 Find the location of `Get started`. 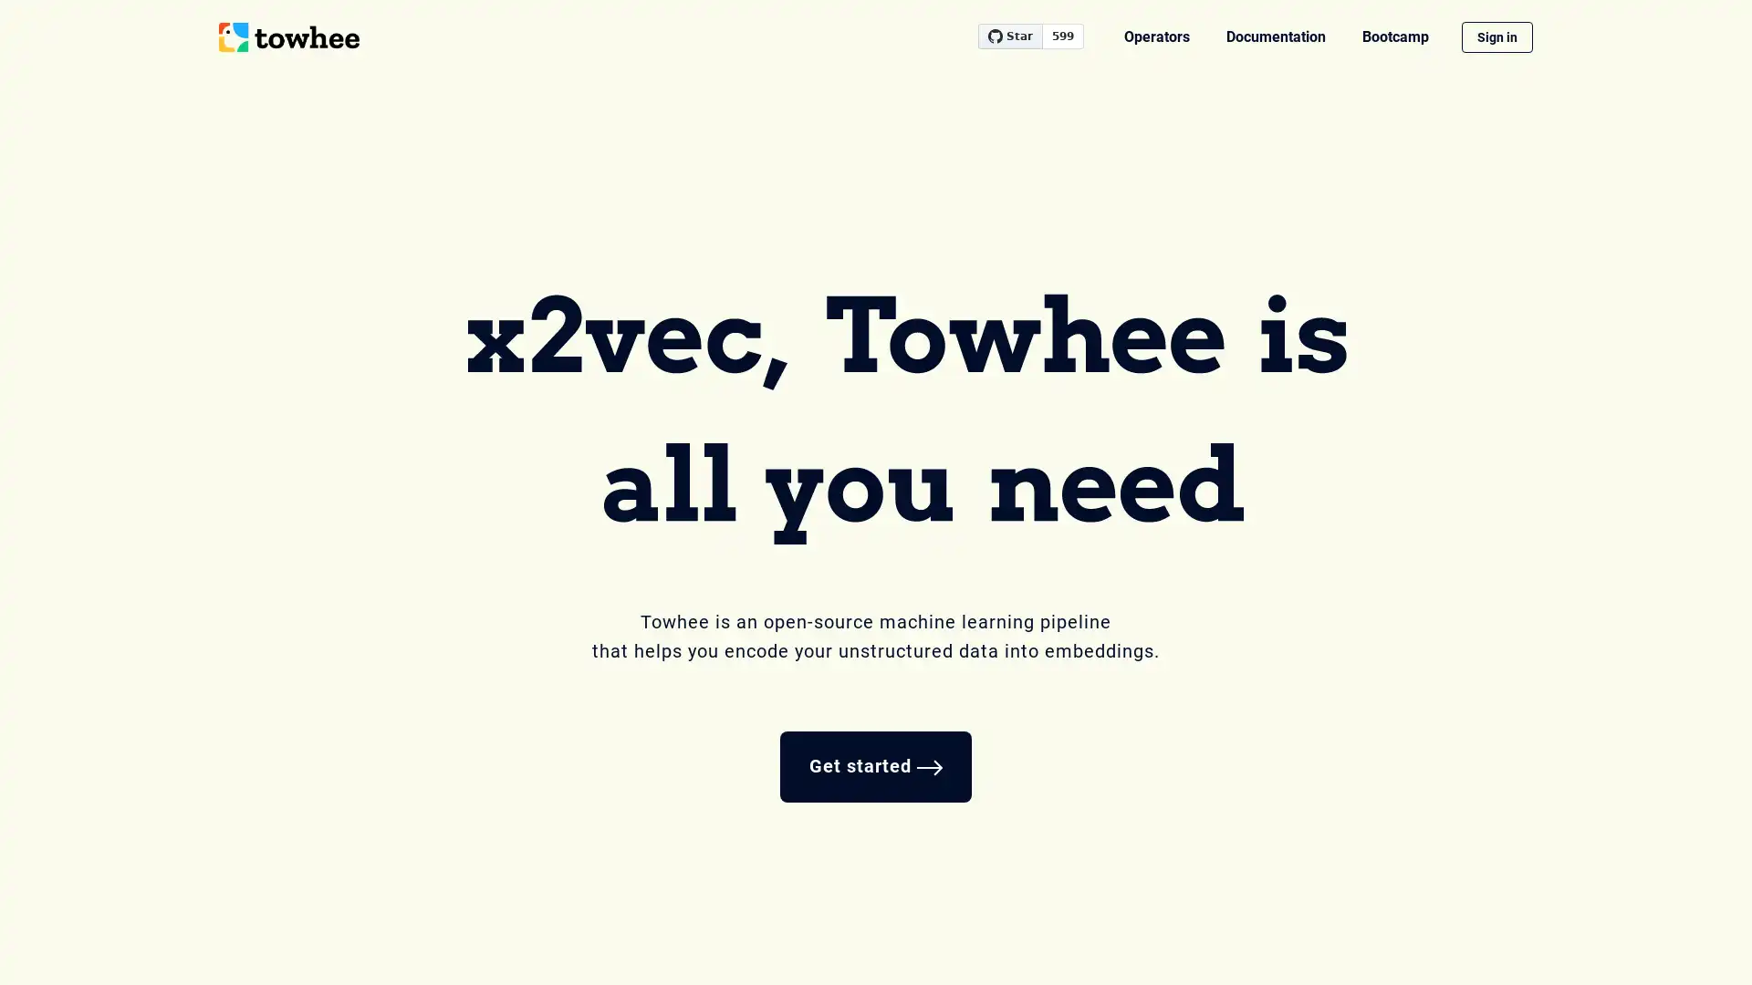

Get started is located at coordinates (876, 766).